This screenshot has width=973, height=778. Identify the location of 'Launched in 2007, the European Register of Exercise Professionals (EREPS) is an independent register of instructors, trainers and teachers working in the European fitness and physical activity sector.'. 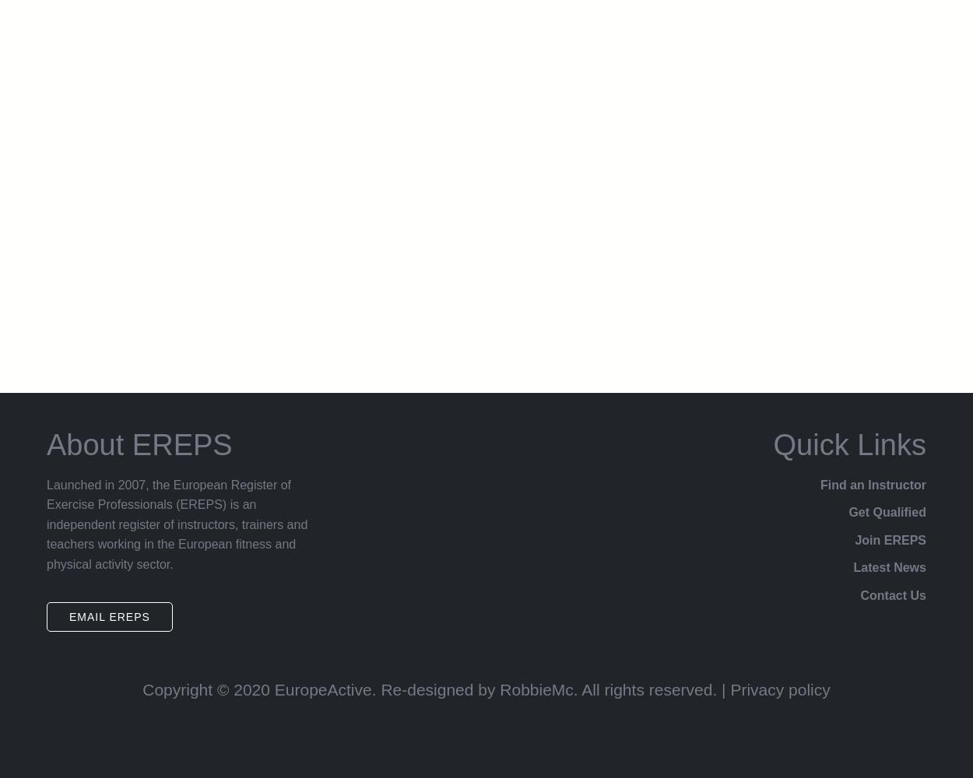
(176, 524).